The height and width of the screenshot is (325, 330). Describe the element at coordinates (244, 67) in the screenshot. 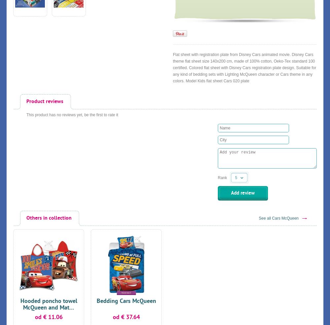

I see `'Flat sheet with registration plate from Disney Cars animated movie. Disney Cars theme flat sheet size 140x200 cm, made of 100% cotton, Oeko-Tex standard 100 certified. Colored flat sheet with Disney Cars registration plate design. Suitable for any kind of bedding sets with Lighting McQueen character or Cars theme in any colors. Model Kids flat sheet Cars 020 plate'` at that location.